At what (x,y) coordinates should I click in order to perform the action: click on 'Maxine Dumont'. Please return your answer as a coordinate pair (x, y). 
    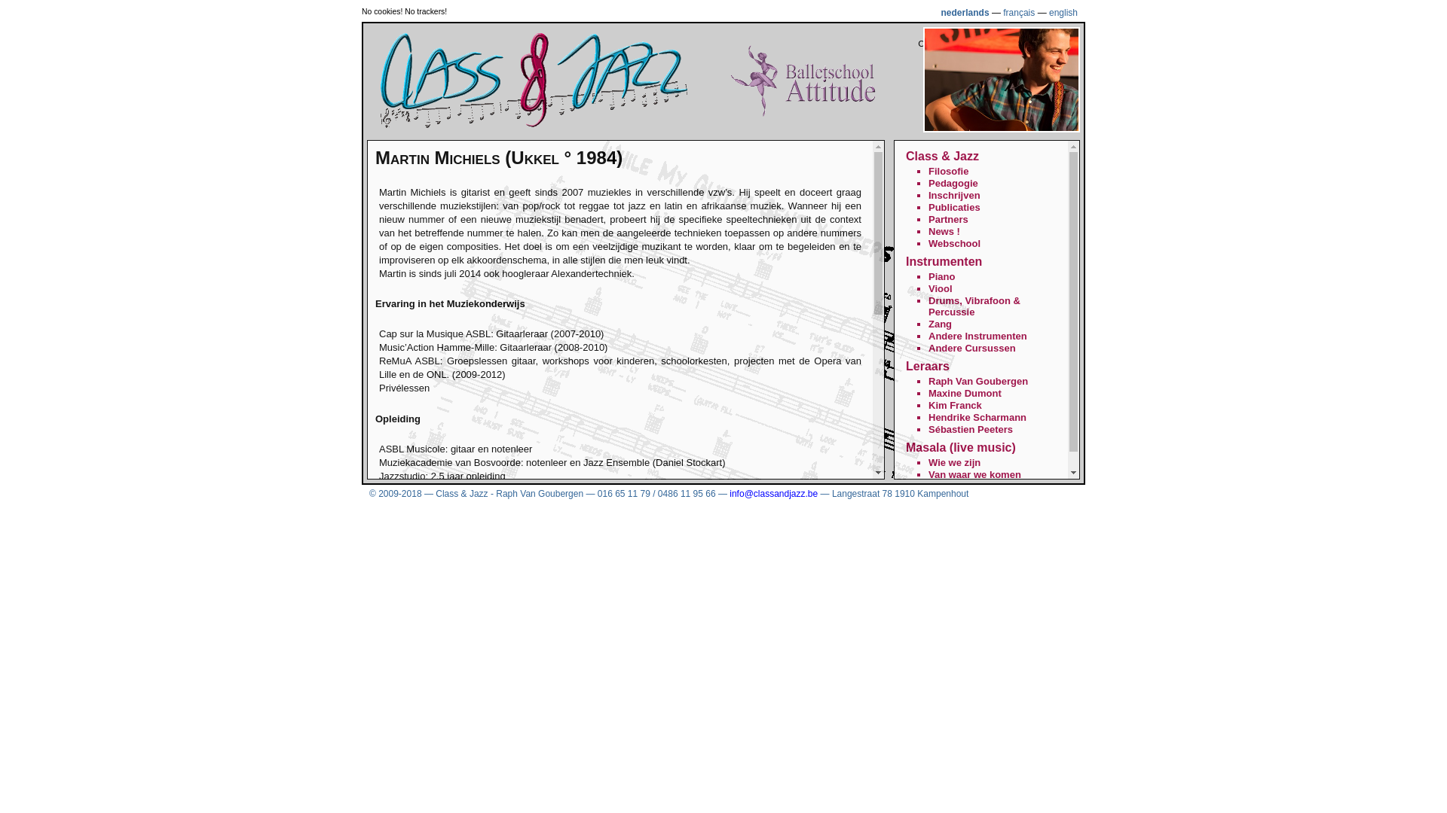
    Looking at the image, I should click on (965, 392).